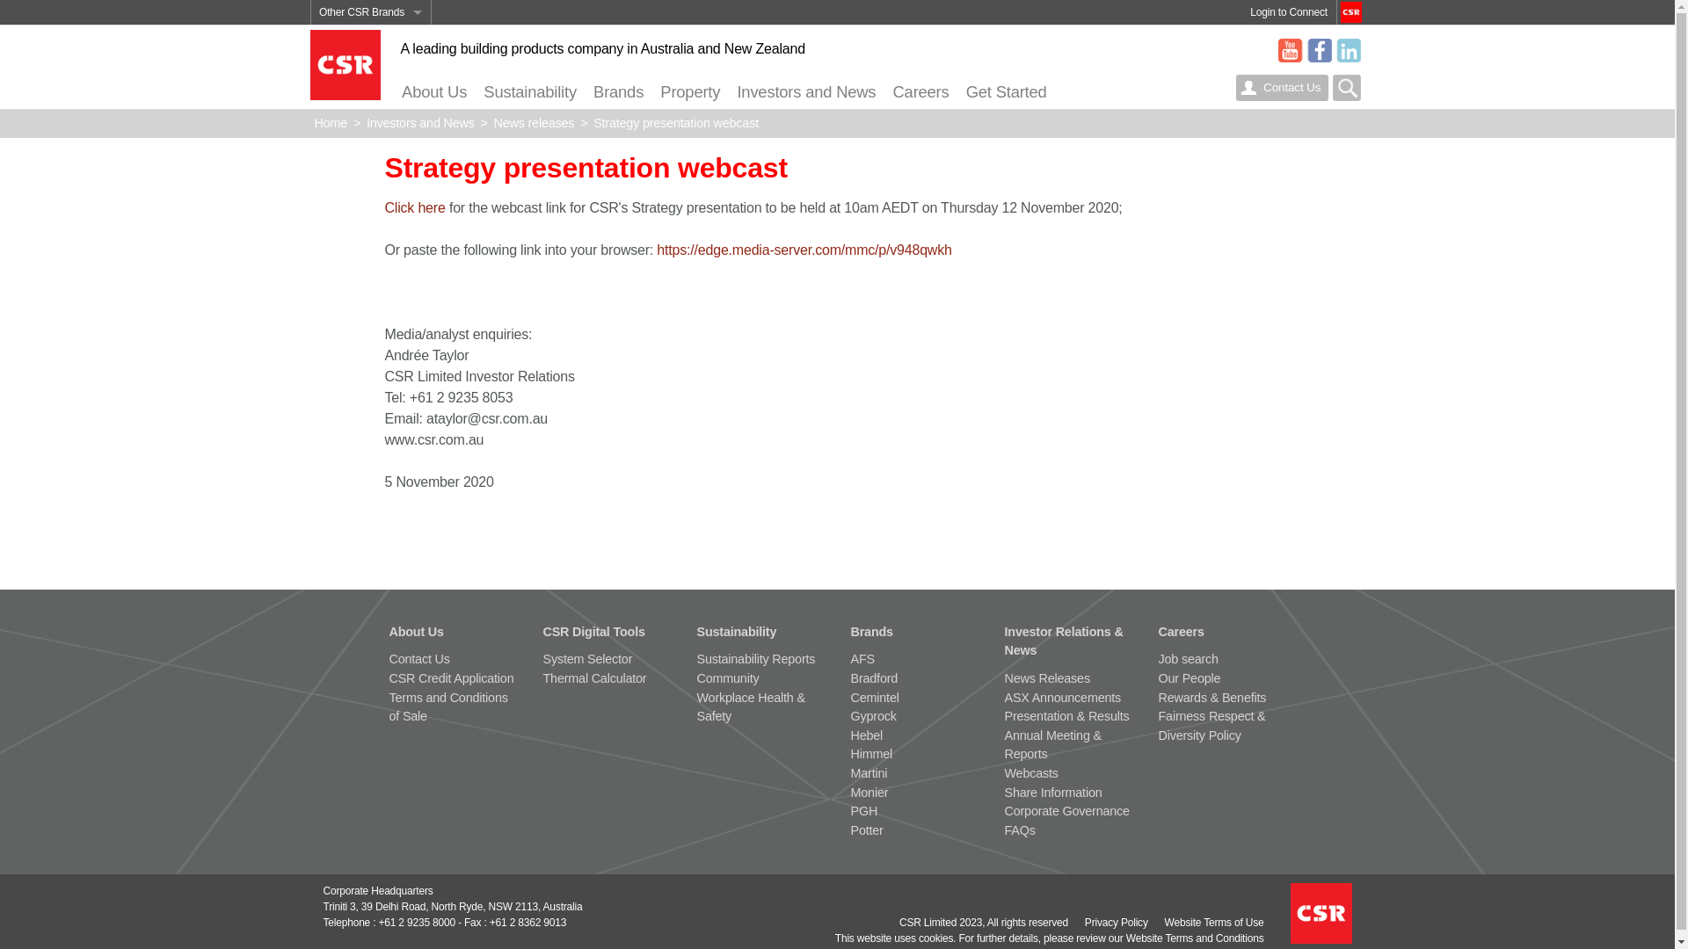 This screenshot has width=1688, height=949. Describe the element at coordinates (851, 697) in the screenshot. I see `'Cemintel'` at that location.